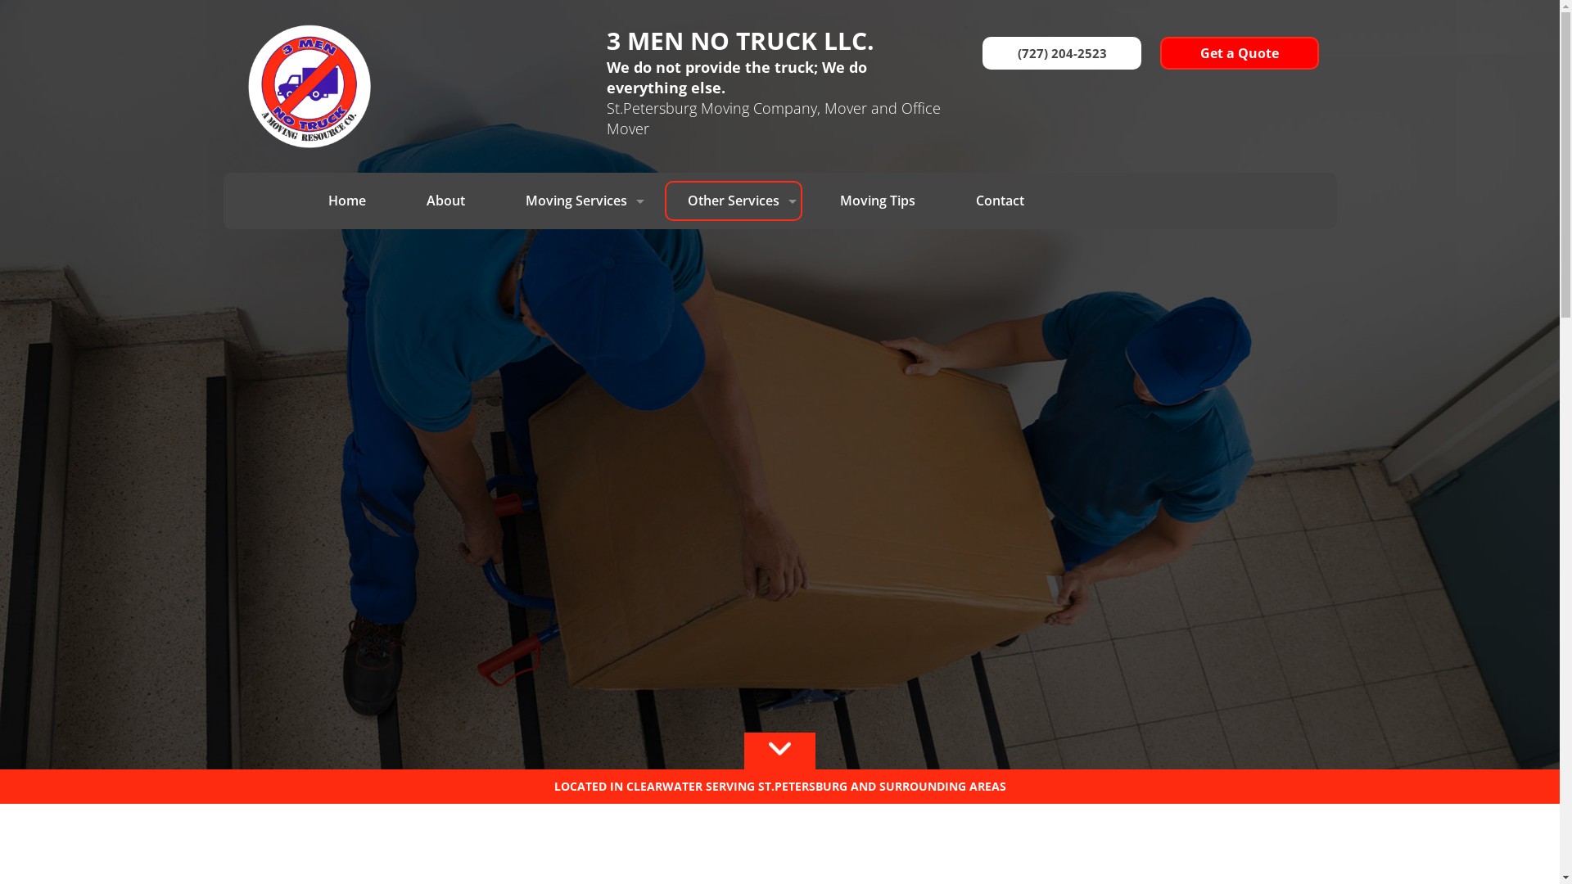  Describe the element at coordinates (305, 200) in the screenshot. I see `'Home'` at that location.